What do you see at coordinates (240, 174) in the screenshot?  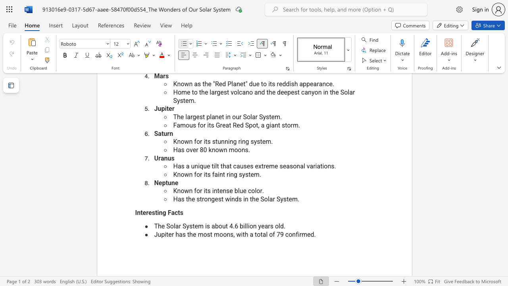 I see `the 2th character "s" in the text` at bounding box center [240, 174].